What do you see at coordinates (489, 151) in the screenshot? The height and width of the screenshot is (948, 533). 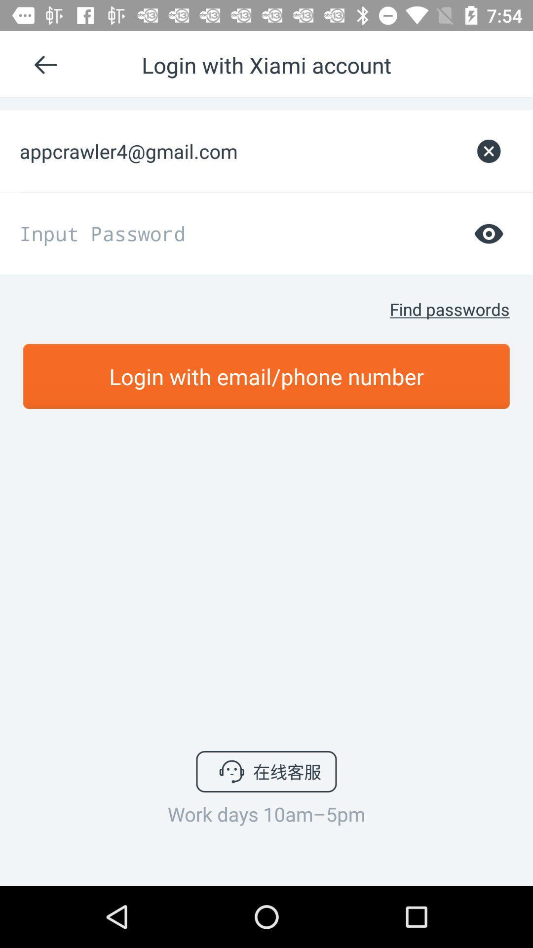 I see `icon next to the appcrawler4@gmail.com item` at bounding box center [489, 151].